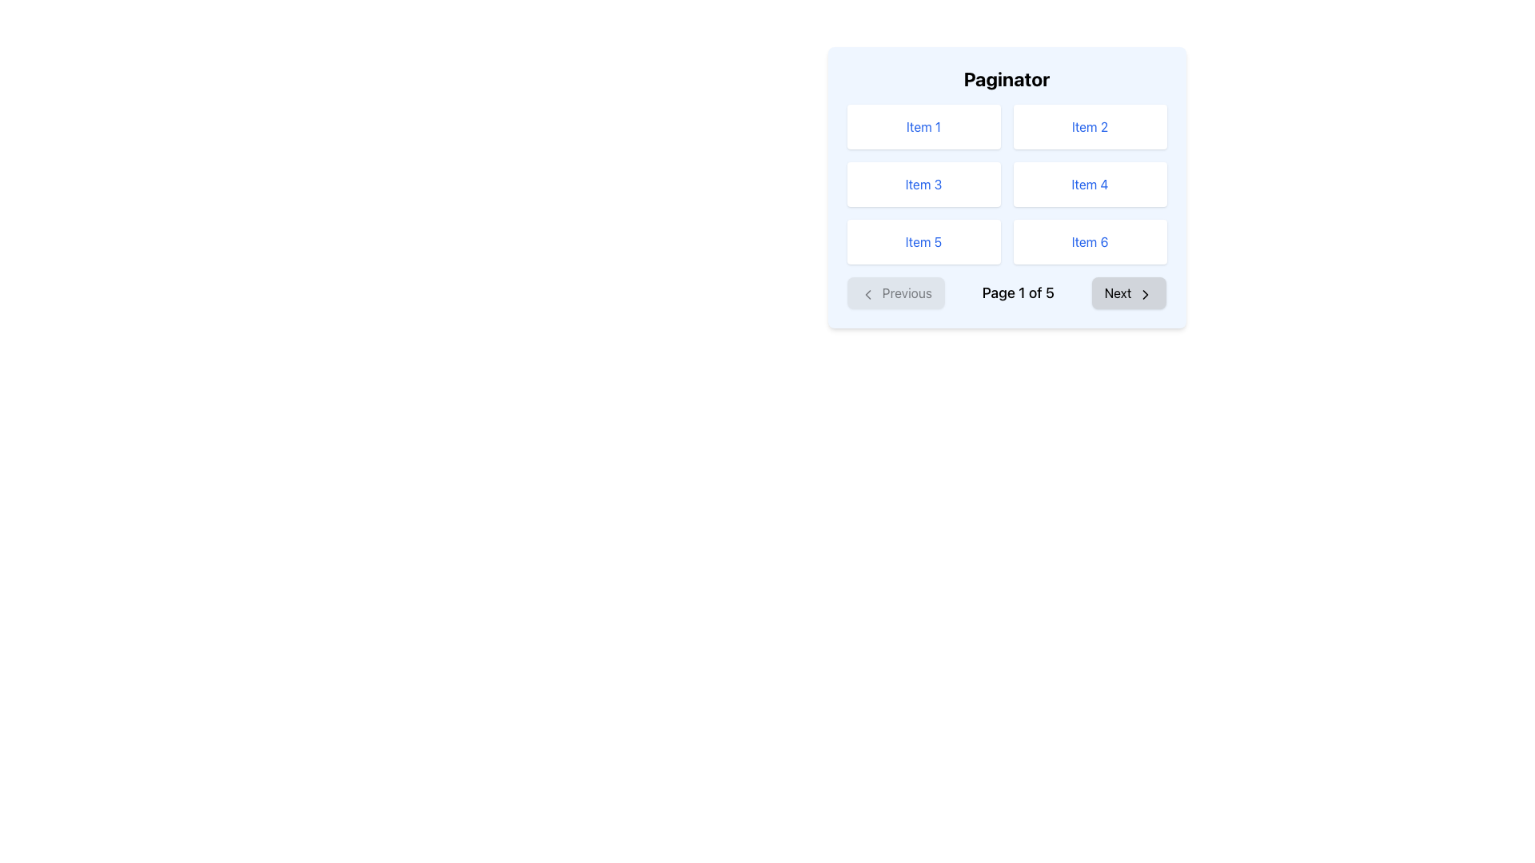 This screenshot has width=1535, height=863. Describe the element at coordinates (1089, 242) in the screenshot. I see `the item in the paginator located in the second column of the third row` at that location.